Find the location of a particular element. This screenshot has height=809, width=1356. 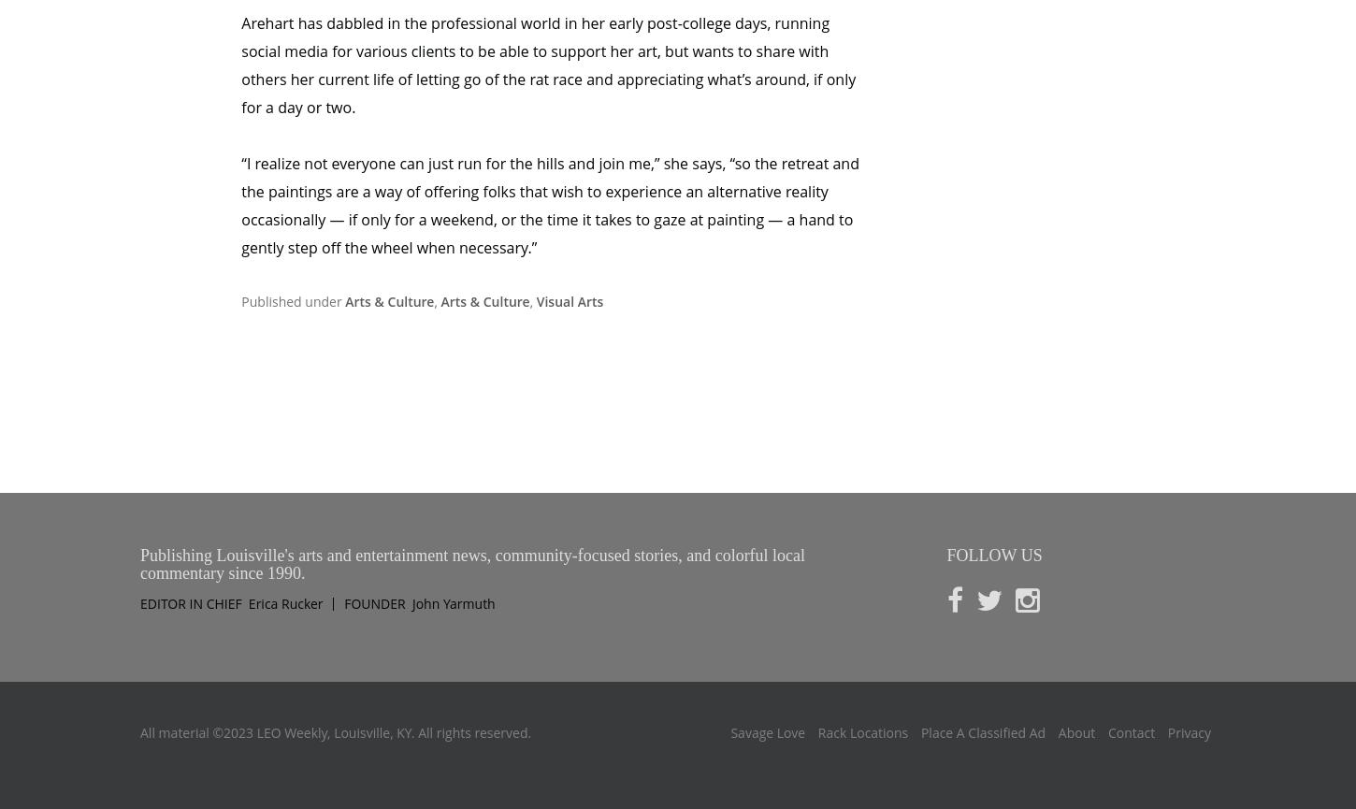

'Published under' is located at coordinates (293, 222).